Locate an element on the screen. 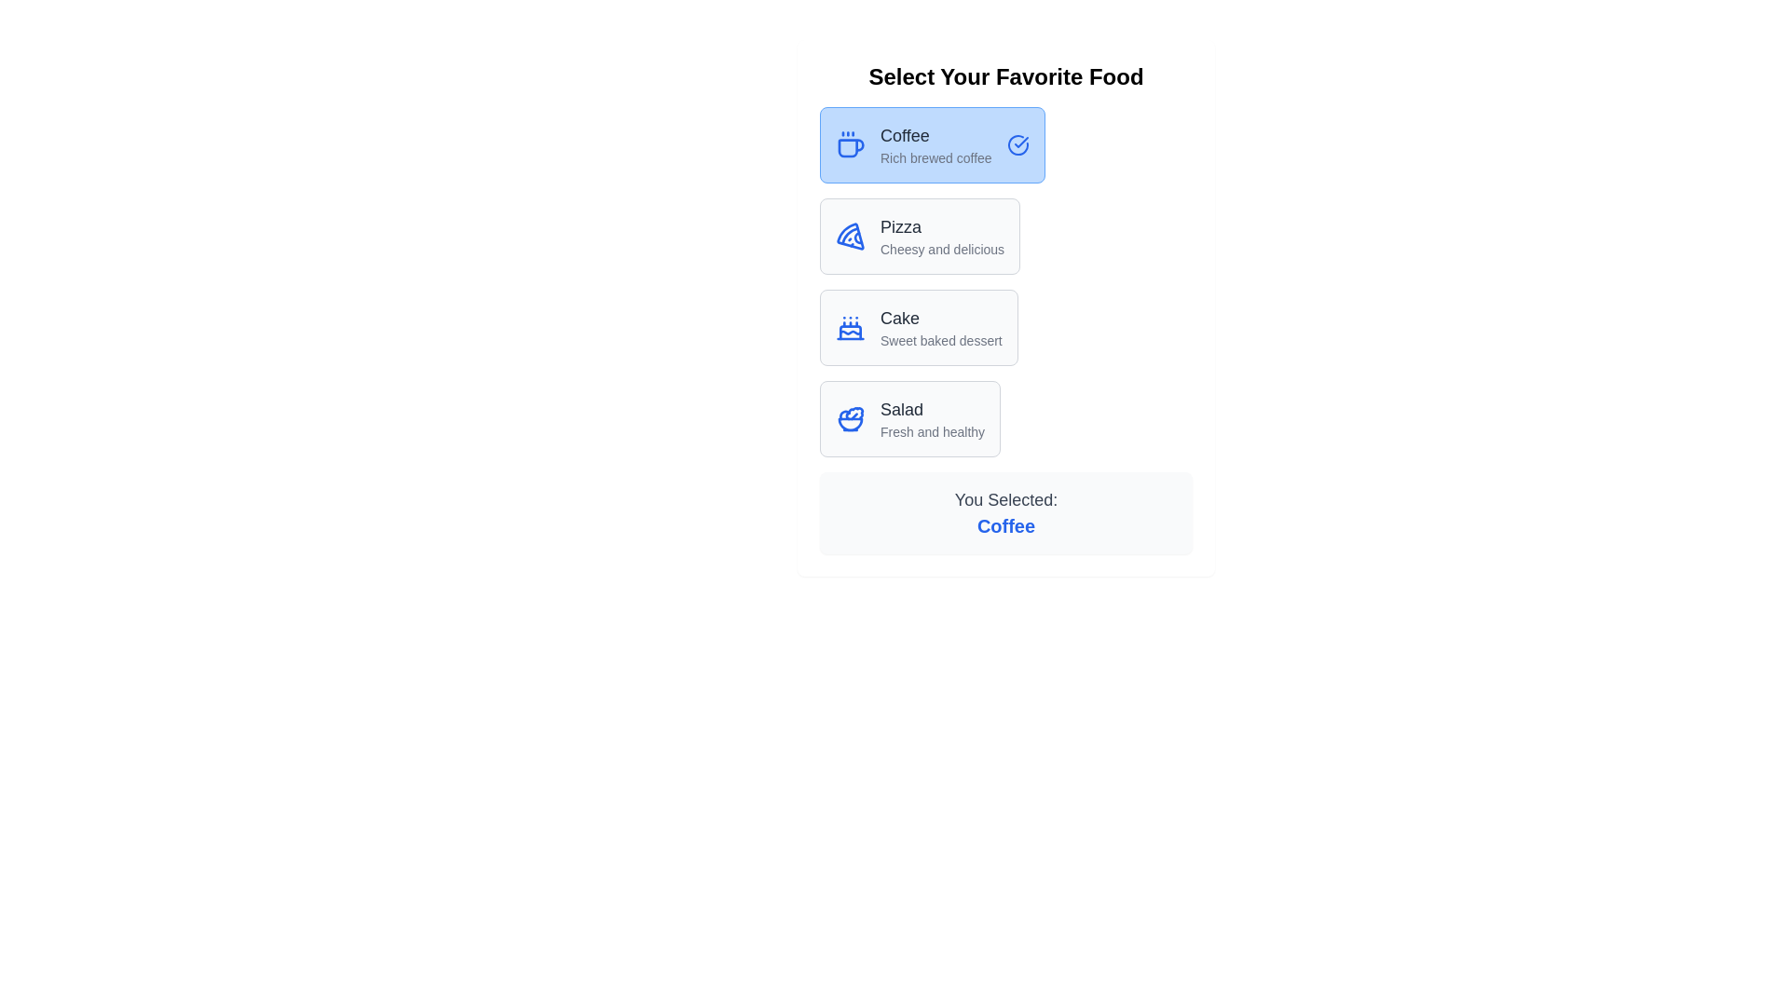  to select the 'Coffee' option from the menu, which is the first item in the list of selectable food items directly below the title 'Select Your Favorite Food' is located at coordinates (935, 143).